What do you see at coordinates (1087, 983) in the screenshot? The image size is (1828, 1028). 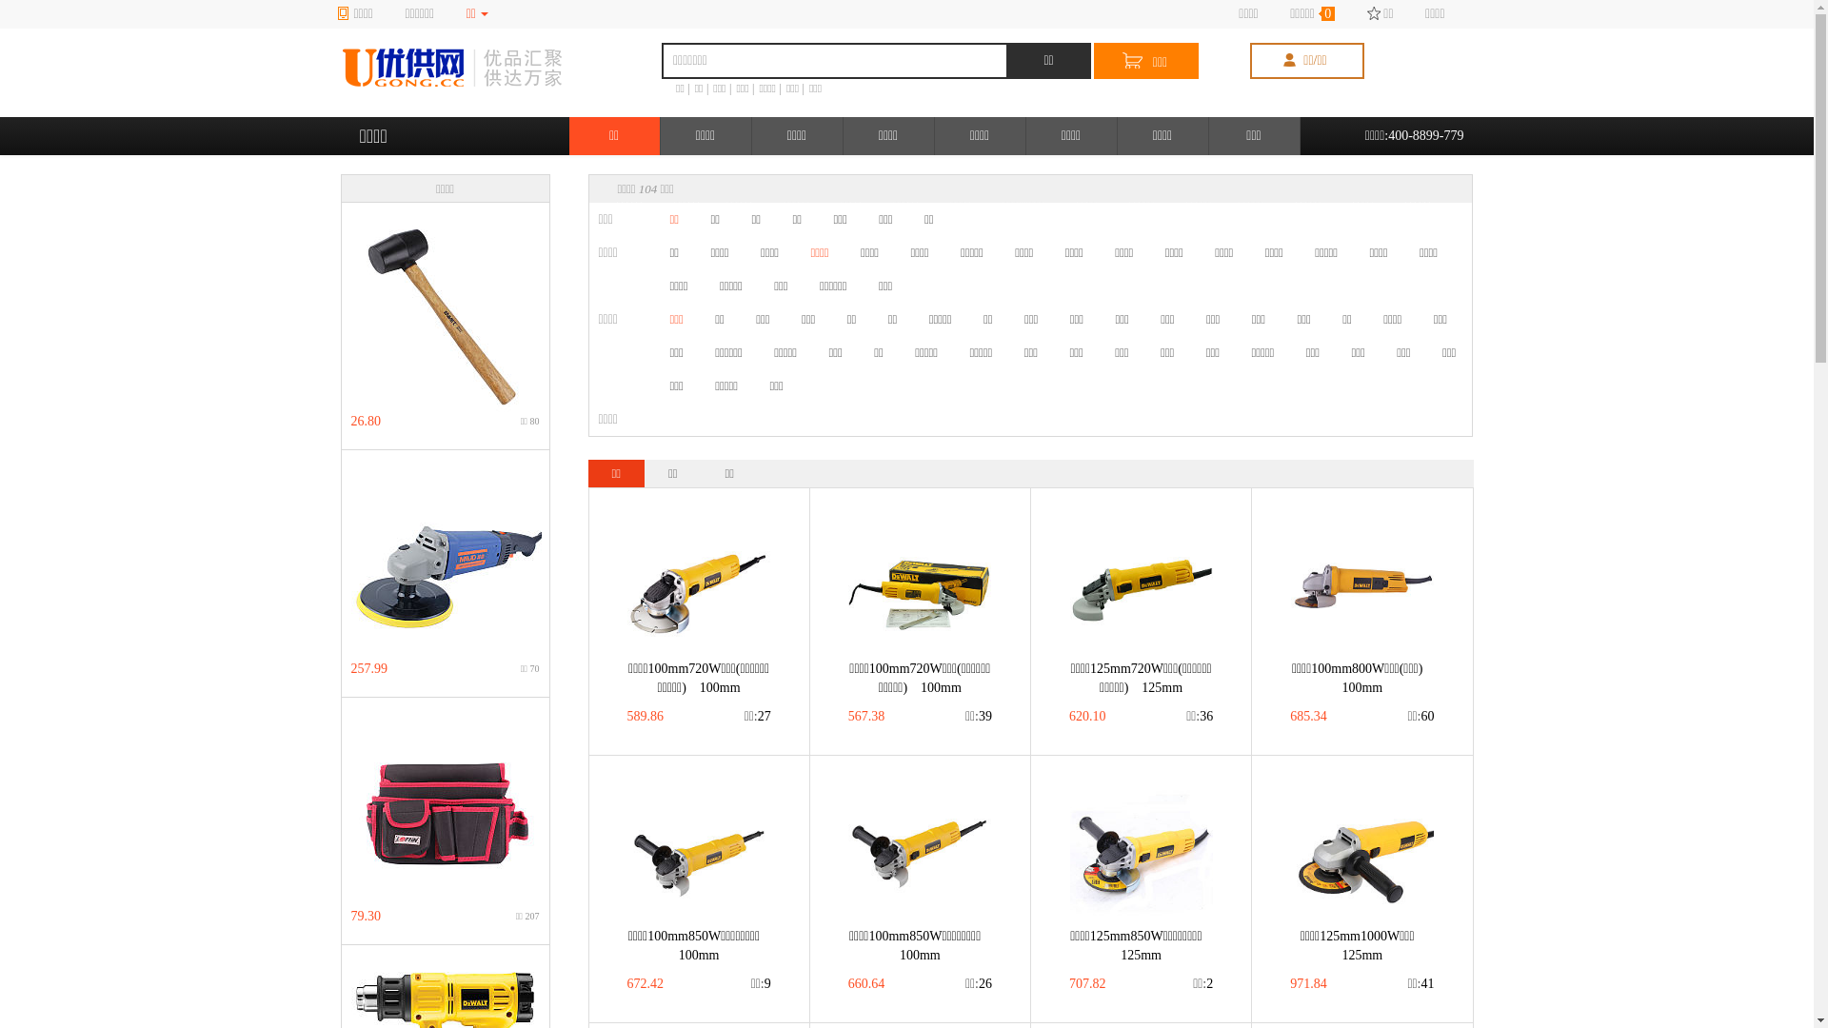 I see `'707.82'` at bounding box center [1087, 983].